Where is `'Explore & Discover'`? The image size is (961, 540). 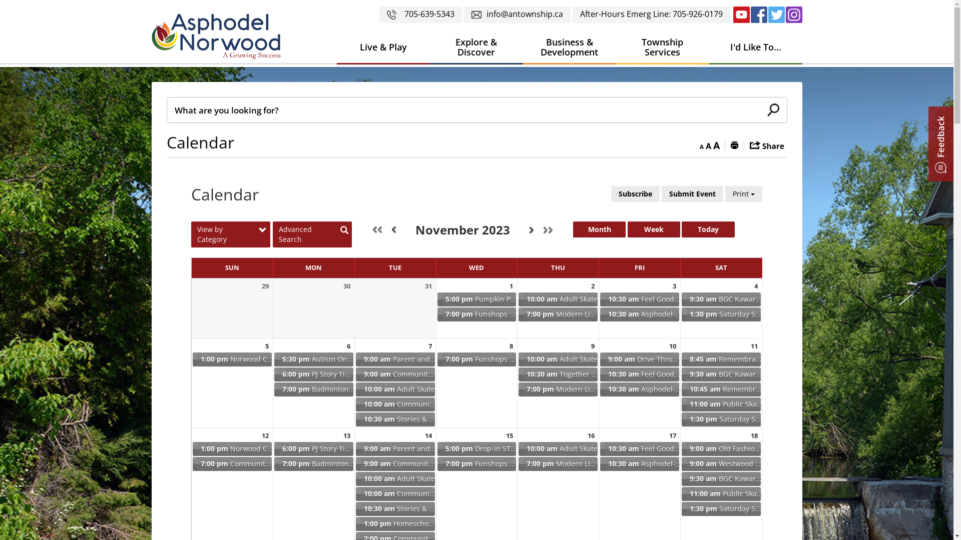 'Explore & Discover' is located at coordinates (475, 47).